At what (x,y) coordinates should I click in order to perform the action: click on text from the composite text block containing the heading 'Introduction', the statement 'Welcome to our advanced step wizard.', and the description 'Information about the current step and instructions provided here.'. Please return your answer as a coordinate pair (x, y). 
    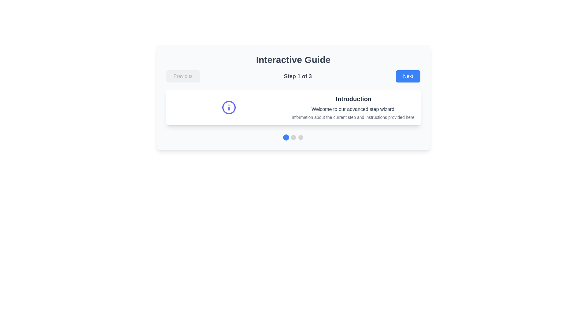
    Looking at the image, I should click on (353, 107).